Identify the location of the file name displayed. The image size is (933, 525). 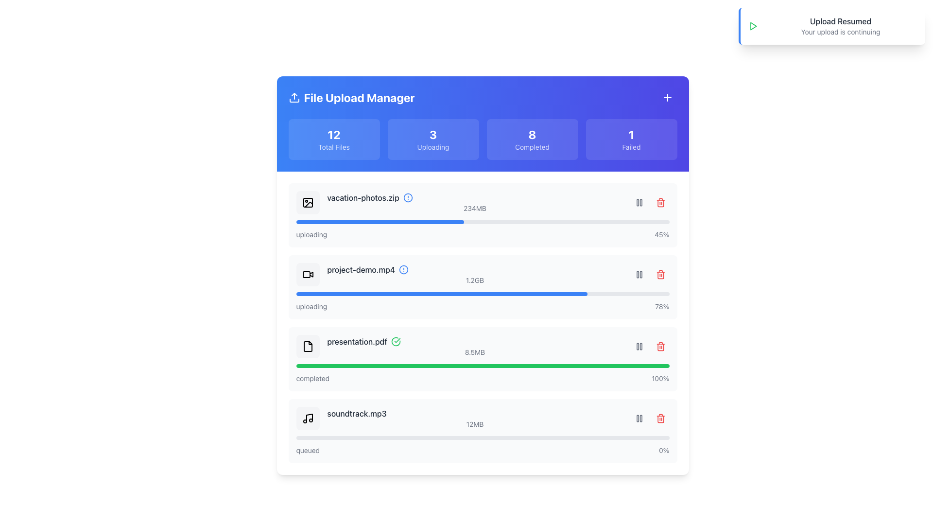
(361, 270).